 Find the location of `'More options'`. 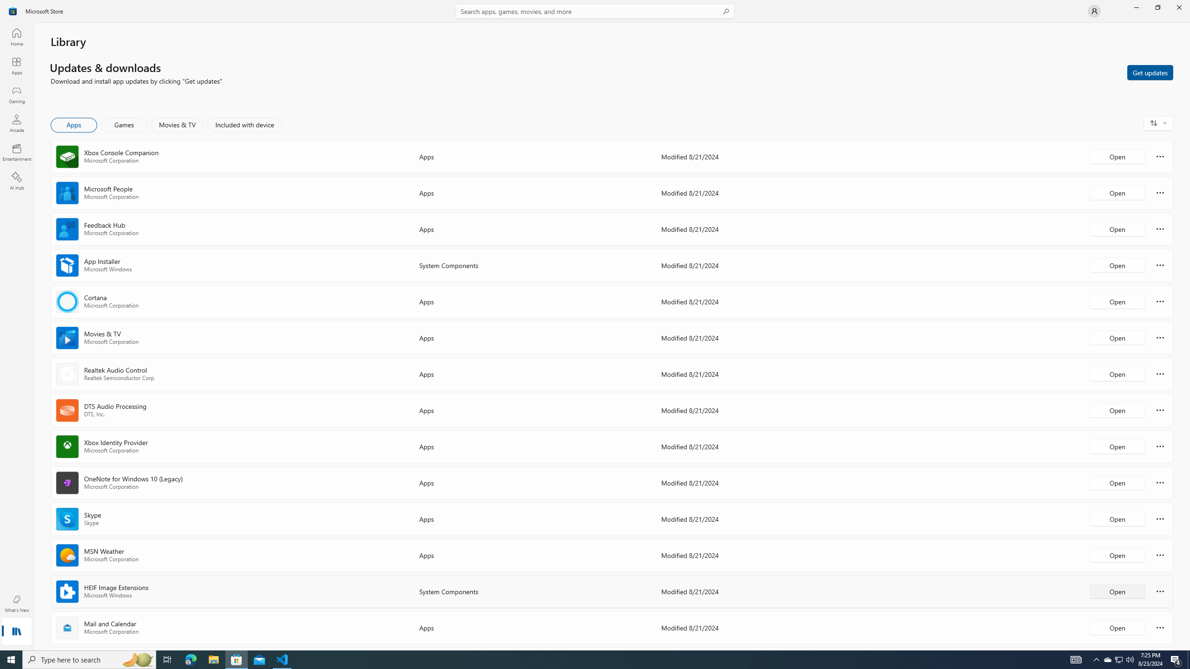

'More options' is located at coordinates (1160, 627).